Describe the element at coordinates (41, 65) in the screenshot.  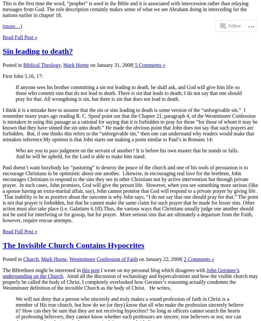
I see `'Biblical Theology'` at that location.